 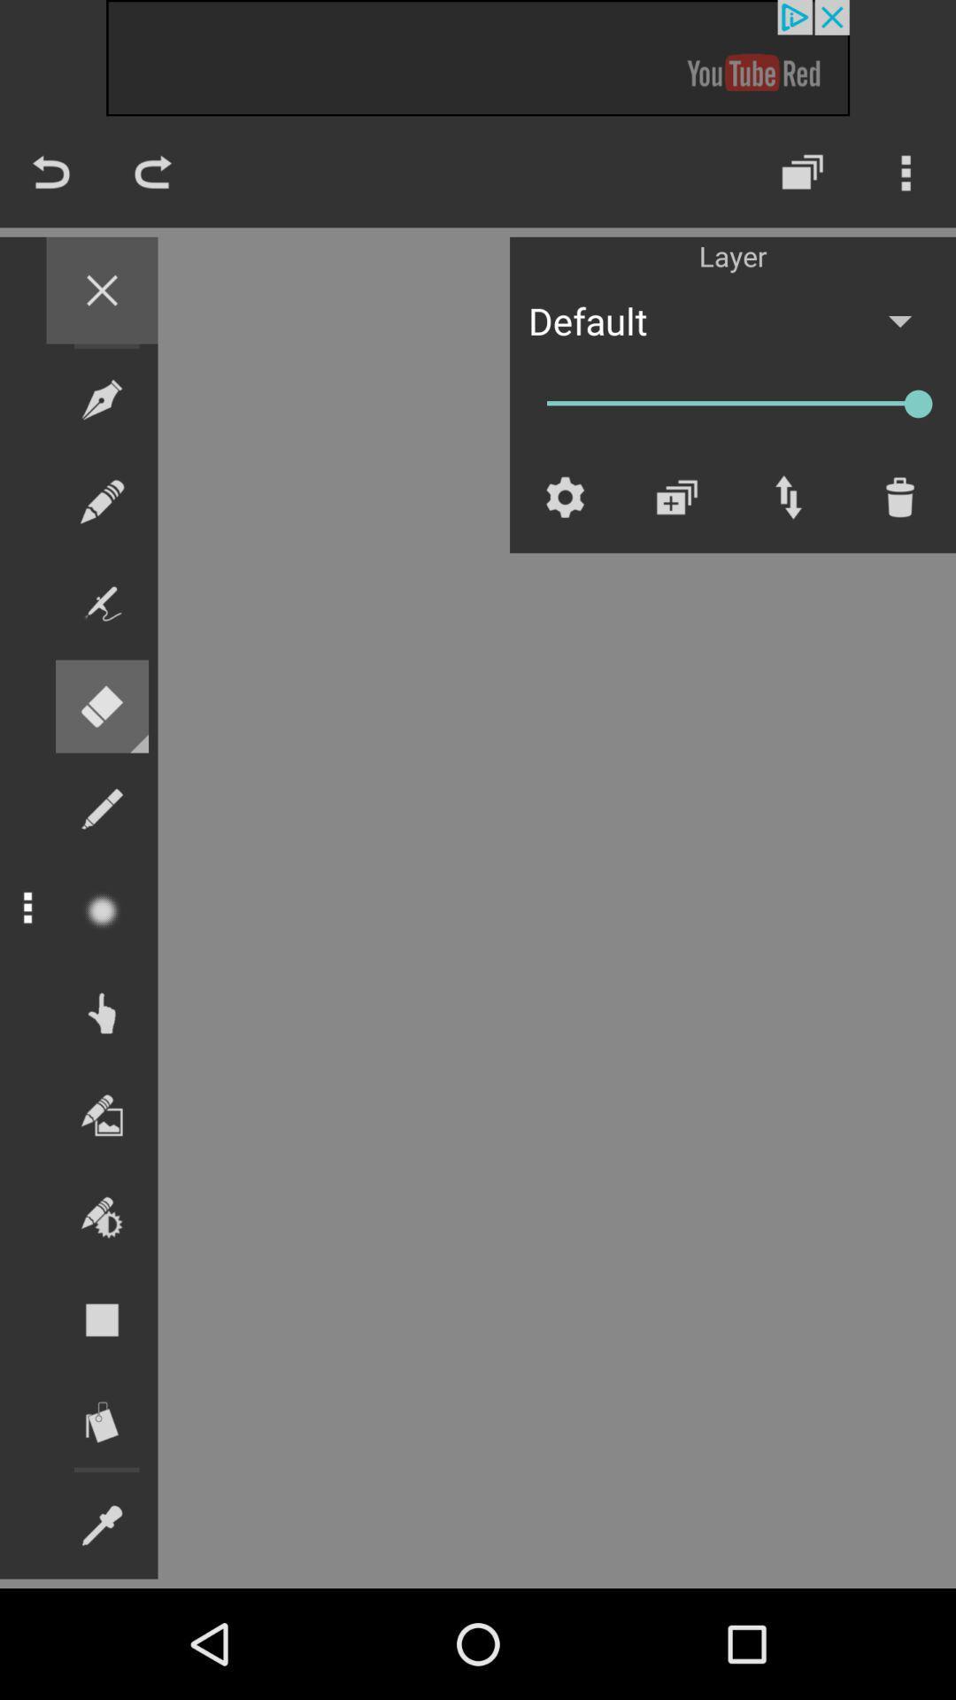 What do you see at coordinates (102, 290) in the screenshot?
I see `the close icon` at bounding box center [102, 290].